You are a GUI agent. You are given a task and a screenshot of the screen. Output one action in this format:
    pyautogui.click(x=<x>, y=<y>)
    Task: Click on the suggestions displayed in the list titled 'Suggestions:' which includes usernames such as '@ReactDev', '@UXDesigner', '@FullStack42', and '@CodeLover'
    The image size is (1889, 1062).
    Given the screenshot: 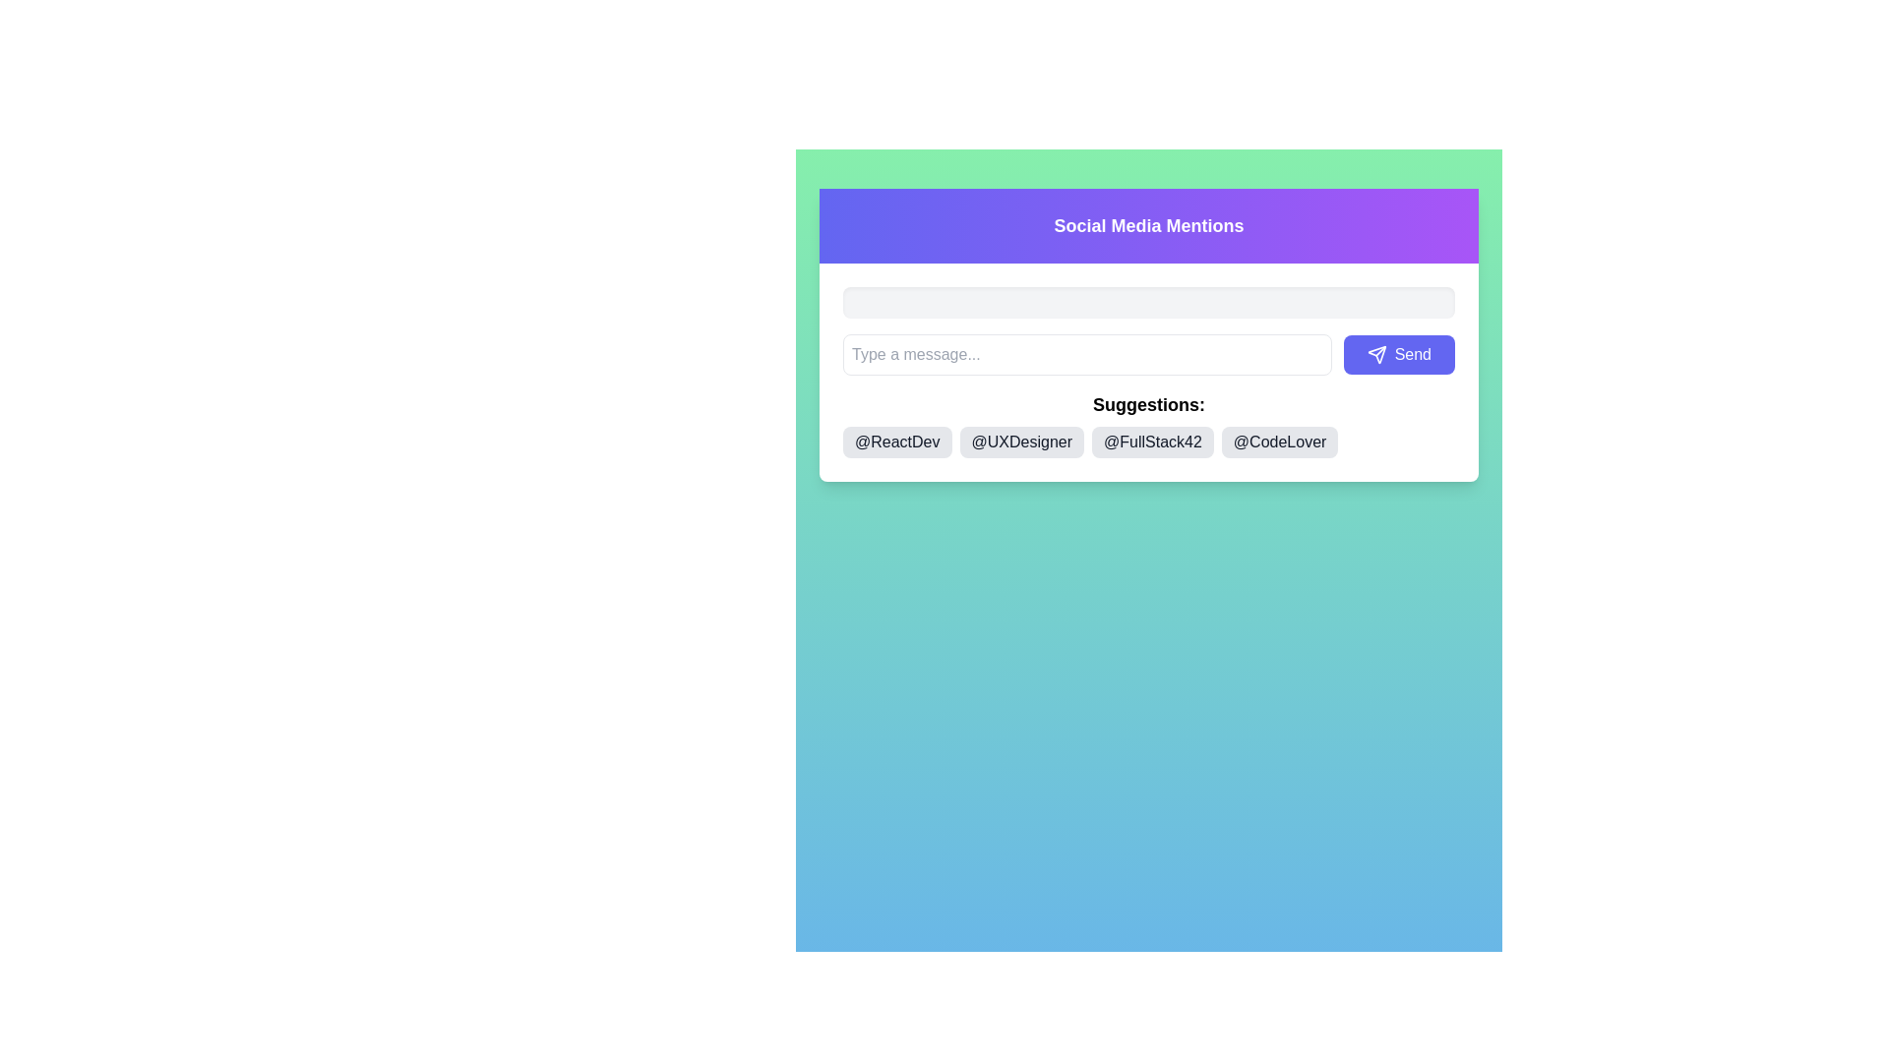 What is the action you would take?
    pyautogui.click(x=1148, y=424)
    